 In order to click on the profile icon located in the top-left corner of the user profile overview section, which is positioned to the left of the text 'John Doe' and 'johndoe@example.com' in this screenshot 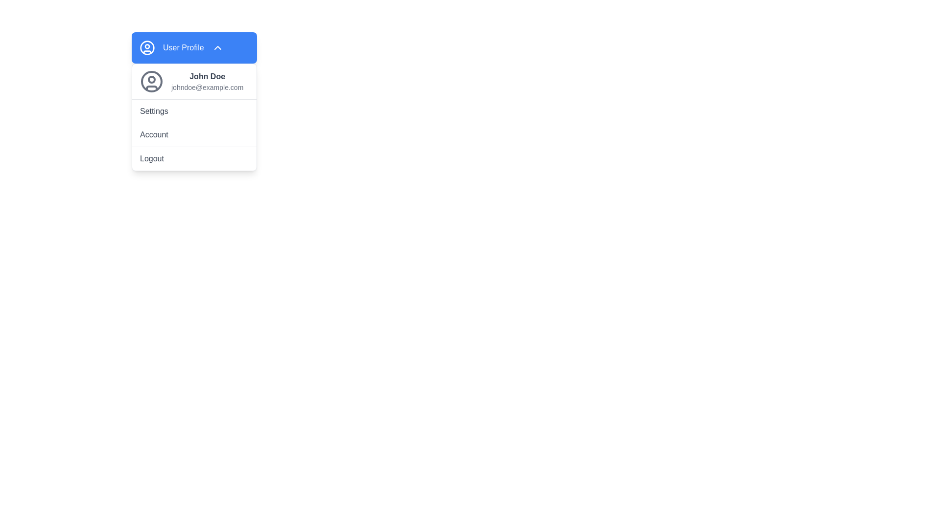, I will do `click(151, 81)`.